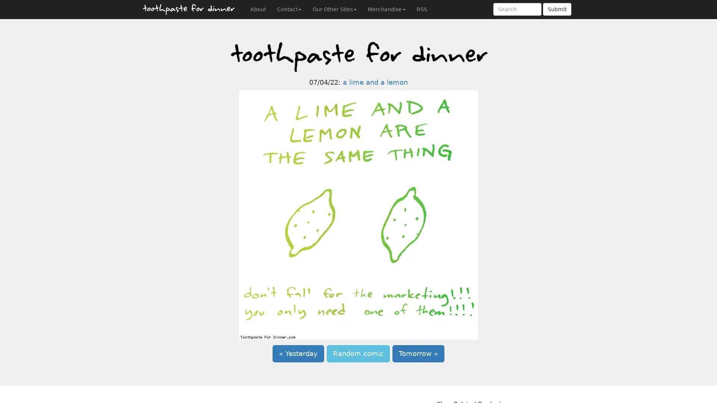 This screenshot has width=717, height=403. I want to click on Yesterday, so click(298, 353).